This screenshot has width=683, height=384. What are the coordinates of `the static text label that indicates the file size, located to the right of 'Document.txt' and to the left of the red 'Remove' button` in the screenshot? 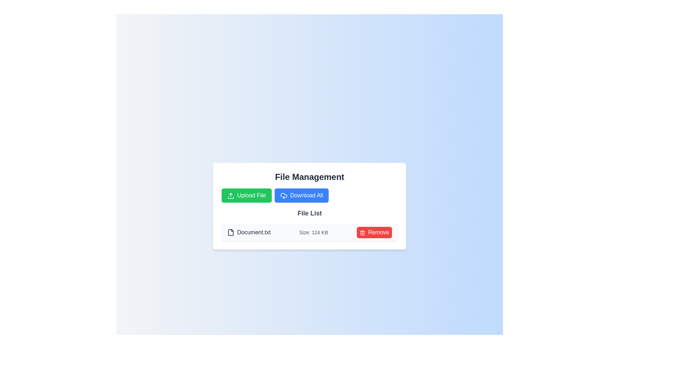 It's located at (313, 233).